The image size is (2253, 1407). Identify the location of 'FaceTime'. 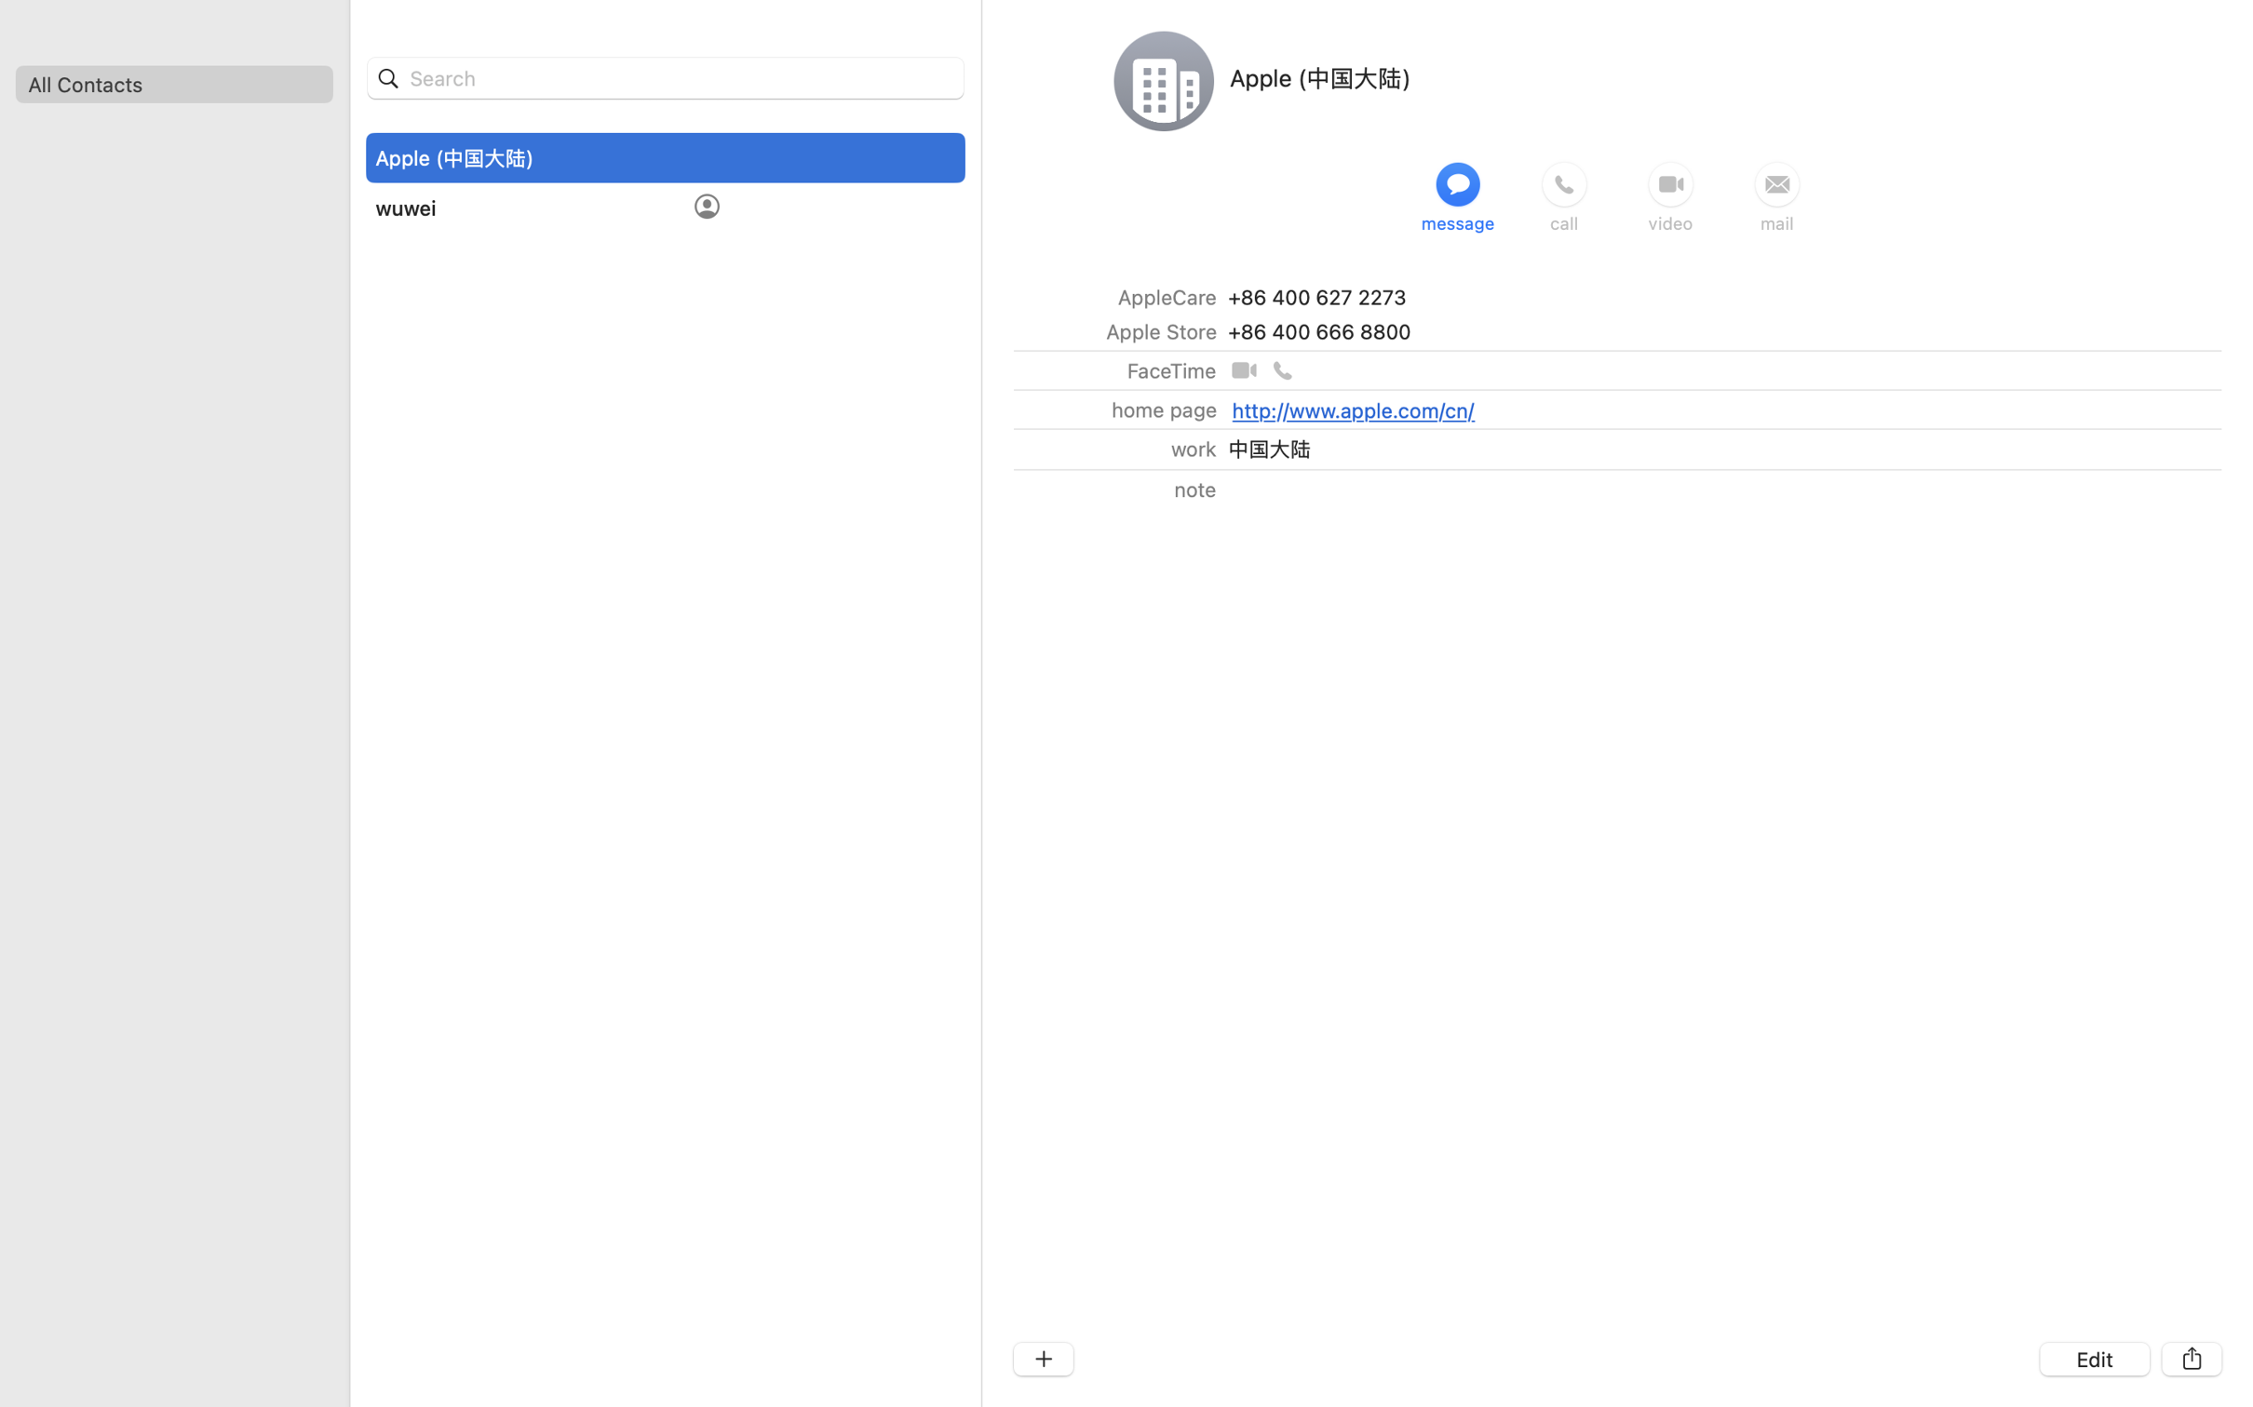
(1171, 368).